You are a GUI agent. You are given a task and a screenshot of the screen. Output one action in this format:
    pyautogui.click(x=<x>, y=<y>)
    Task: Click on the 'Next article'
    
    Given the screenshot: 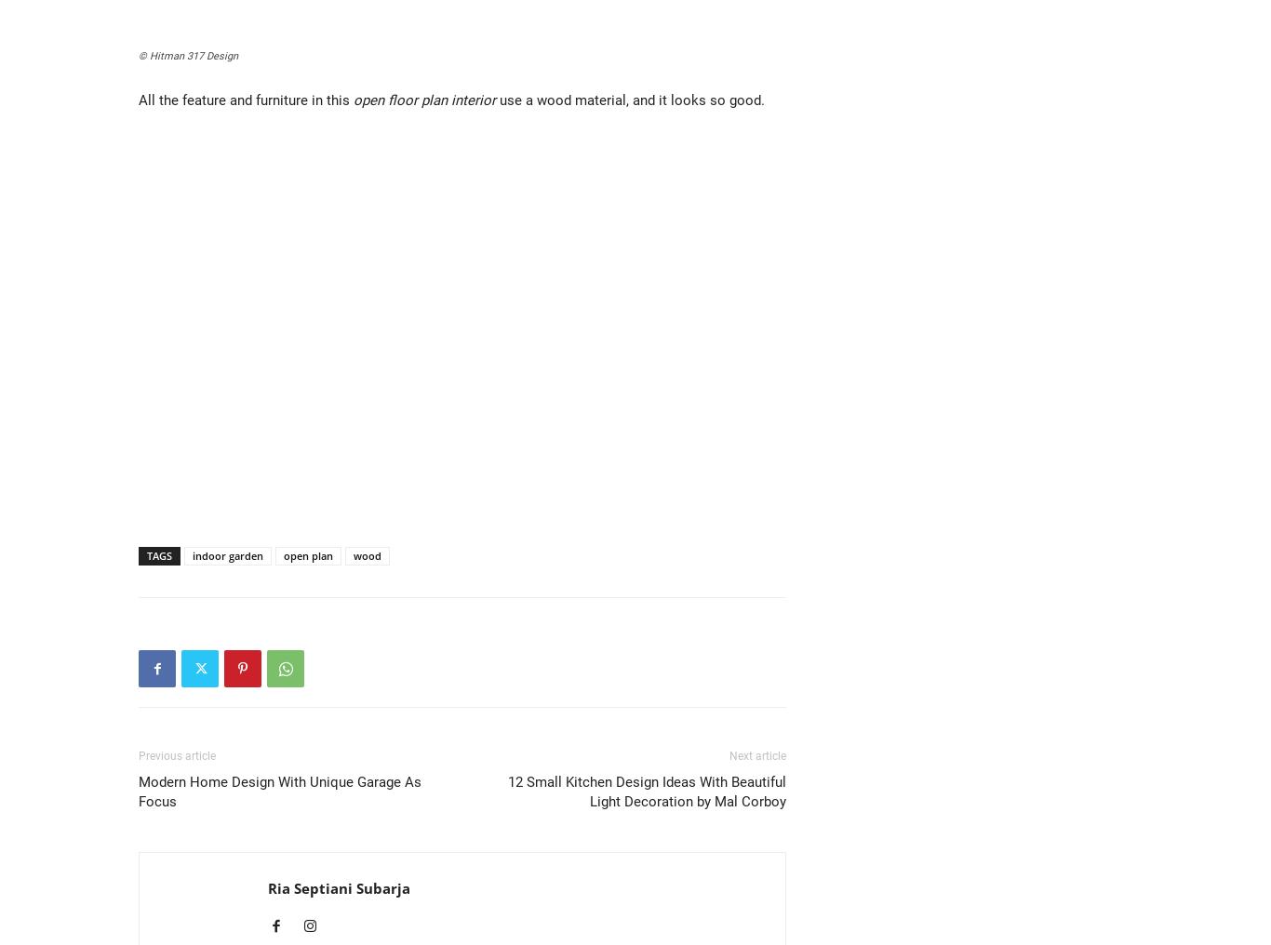 What is the action you would take?
    pyautogui.click(x=756, y=755)
    